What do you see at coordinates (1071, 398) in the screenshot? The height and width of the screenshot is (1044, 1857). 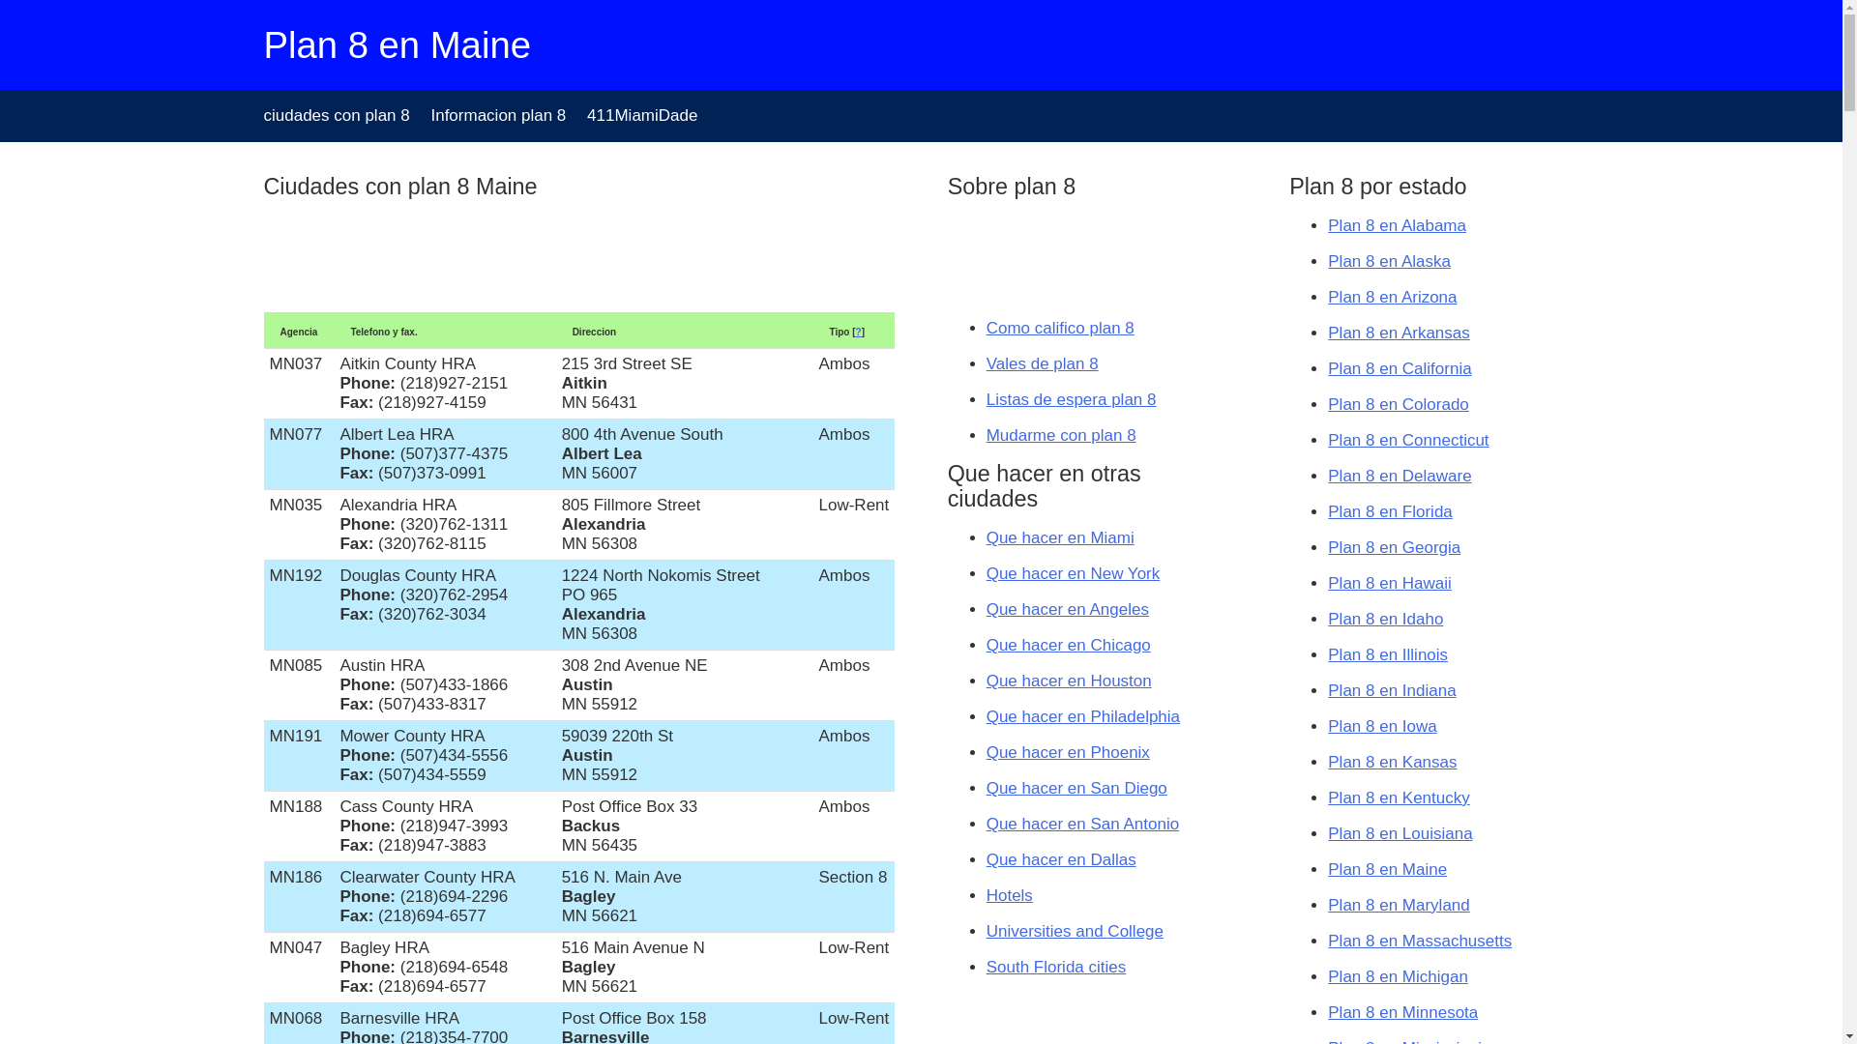 I see `'Listas de espera plan 8'` at bounding box center [1071, 398].